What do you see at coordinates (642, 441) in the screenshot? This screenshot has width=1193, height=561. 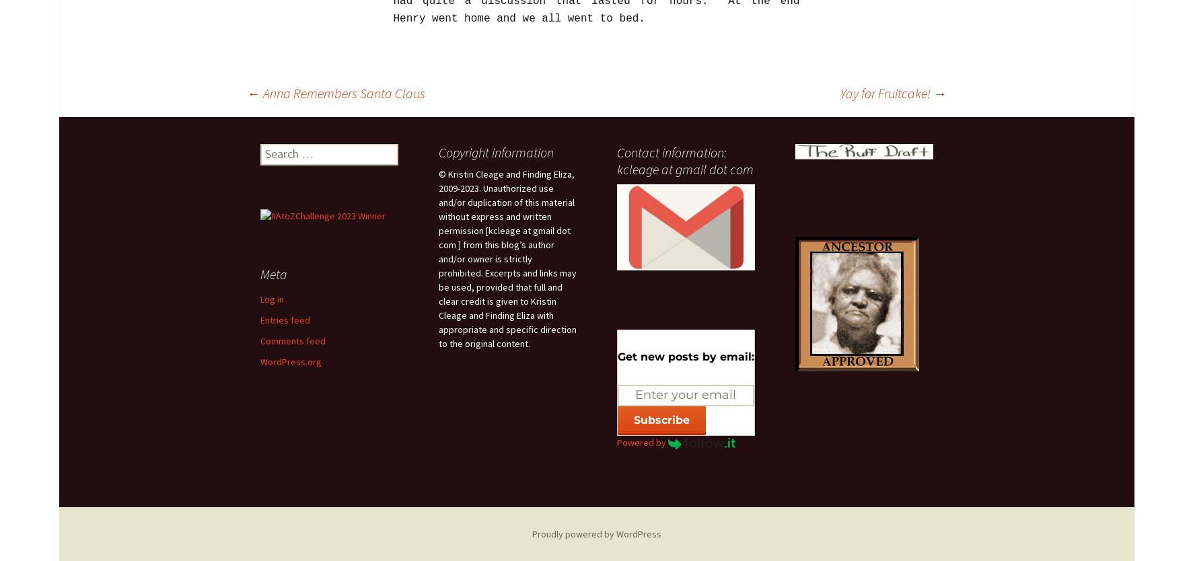 I see `'Powered by'` at bounding box center [642, 441].